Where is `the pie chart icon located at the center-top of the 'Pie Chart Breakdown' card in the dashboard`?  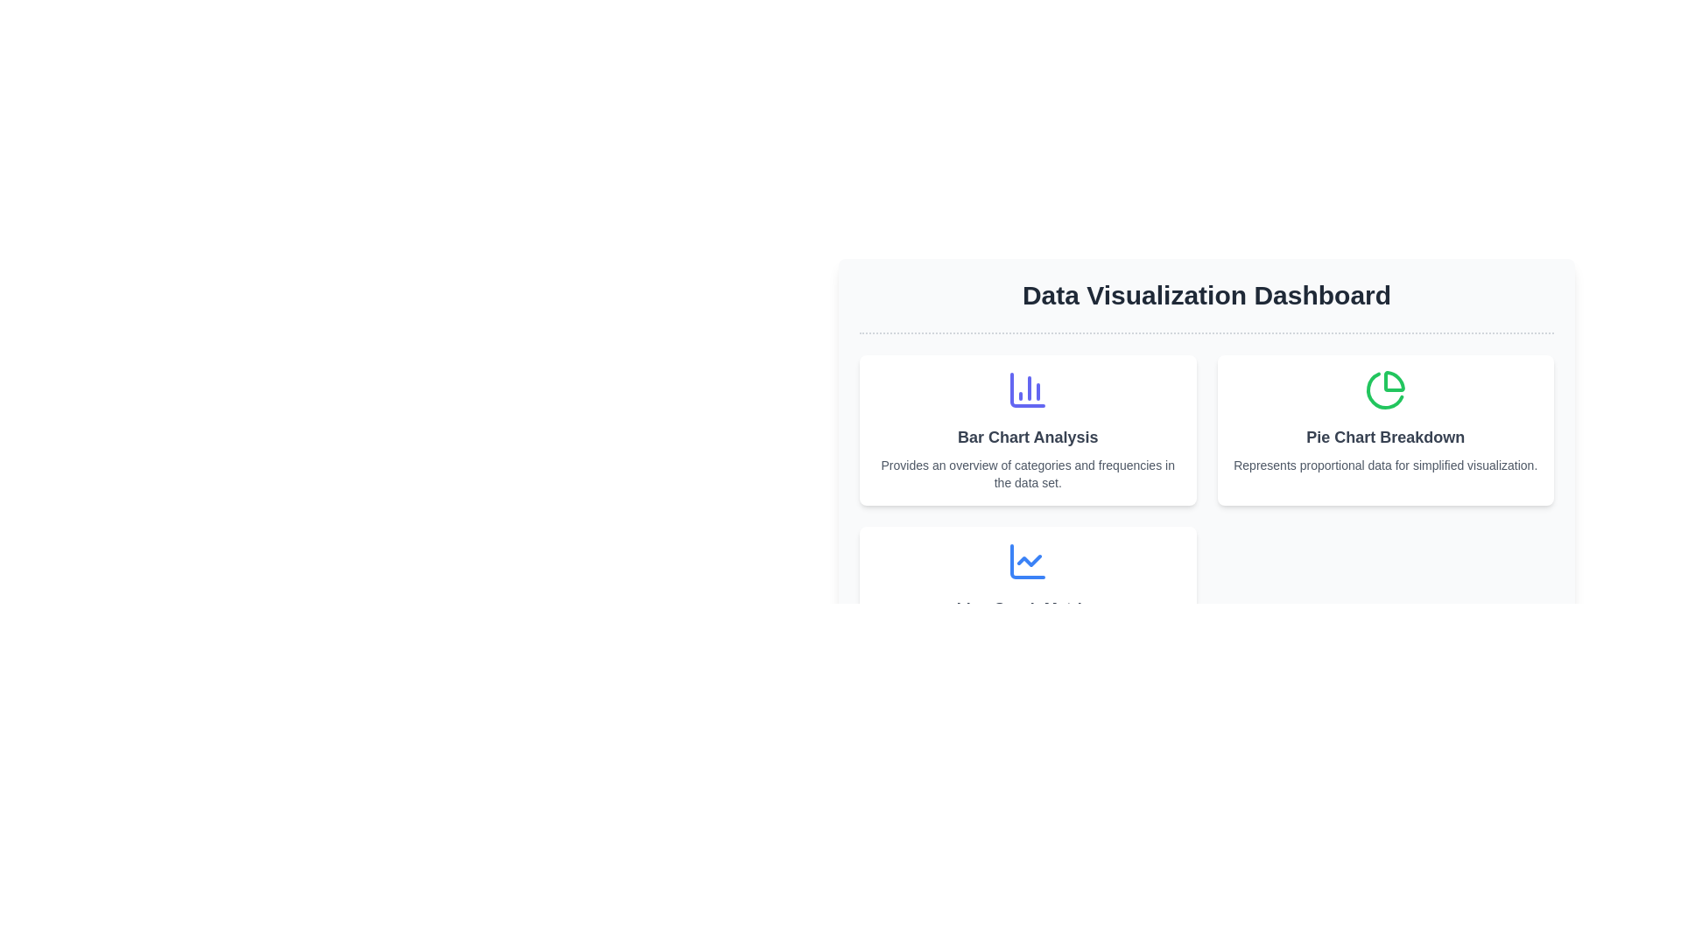
the pie chart icon located at the center-top of the 'Pie Chart Breakdown' card in the dashboard is located at coordinates (1384, 389).